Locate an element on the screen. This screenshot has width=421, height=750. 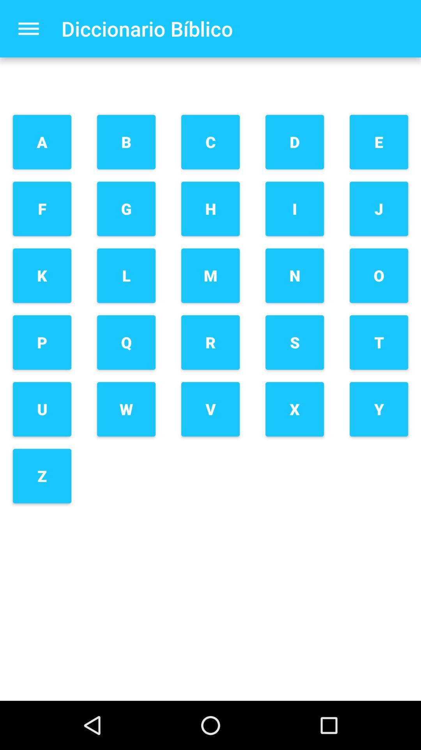
the icon above f item is located at coordinates (42, 142).